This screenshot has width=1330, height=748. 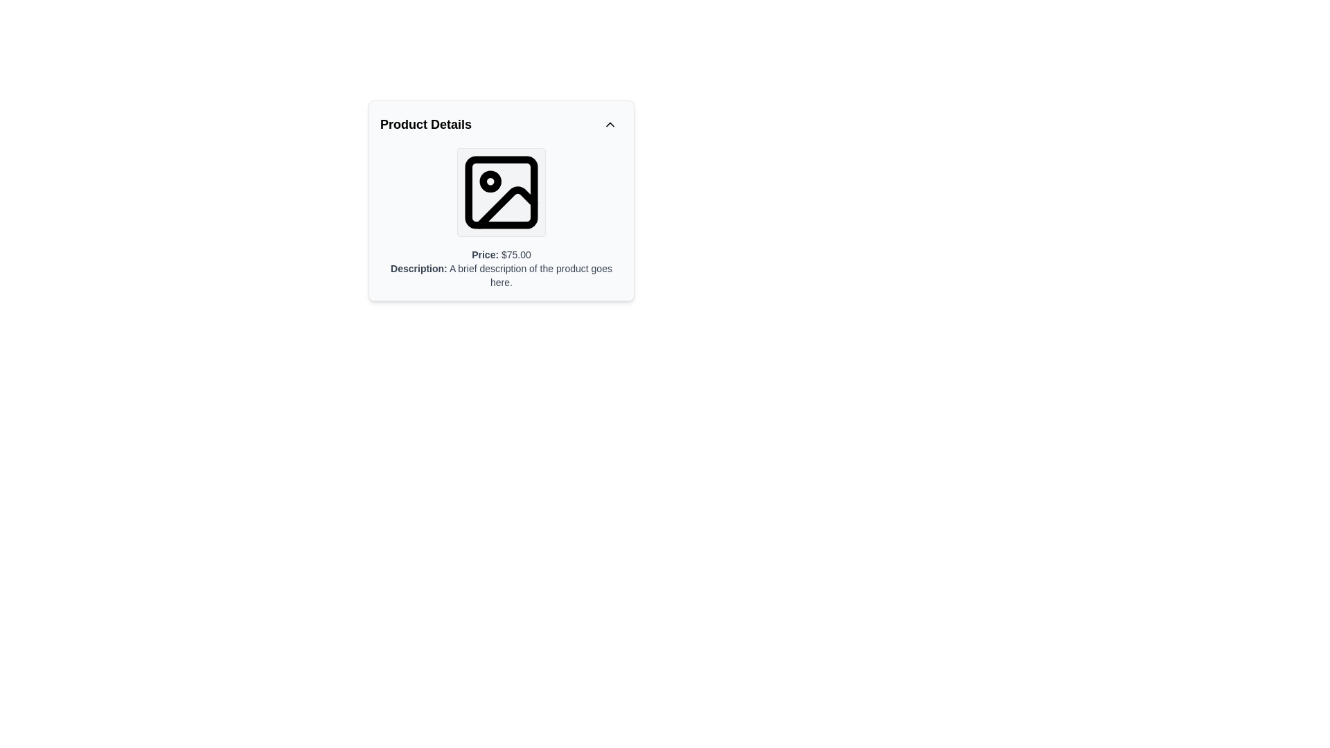 What do you see at coordinates (418, 269) in the screenshot?
I see `the label that serves as a header for the descriptive text, located at the upper-left corner of the description field` at bounding box center [418, 269].